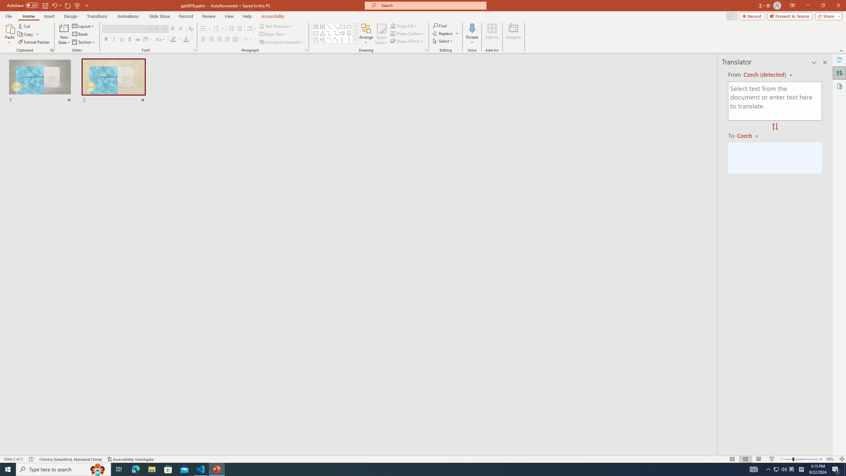 This screenshot has width=846, height=476. What do you see at coordinates (232, 29) in the screenshot?
I see `'Decrease Indent'` at bounding box center [232, 29].